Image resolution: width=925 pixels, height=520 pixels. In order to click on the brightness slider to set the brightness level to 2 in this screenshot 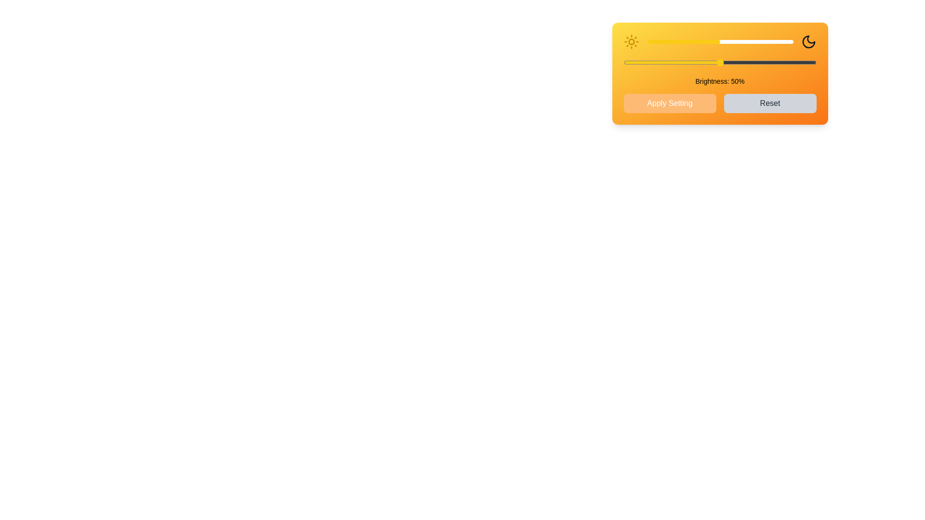, I will do `click(649, 41)`.